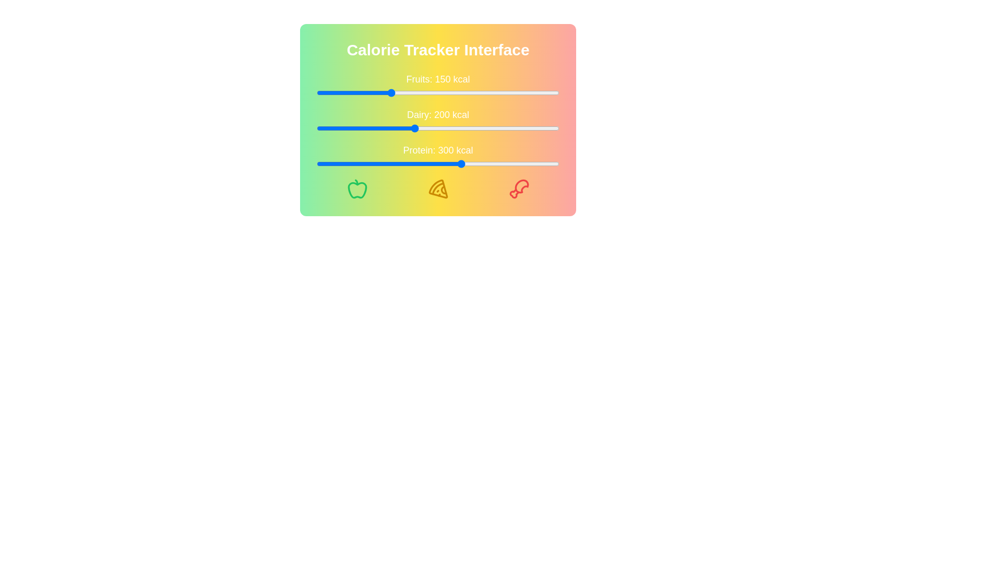  Describe the element at coordinates (425, 128) in the screenshot. I see `the Dairy calorie slider to 224 kcal` at that location.